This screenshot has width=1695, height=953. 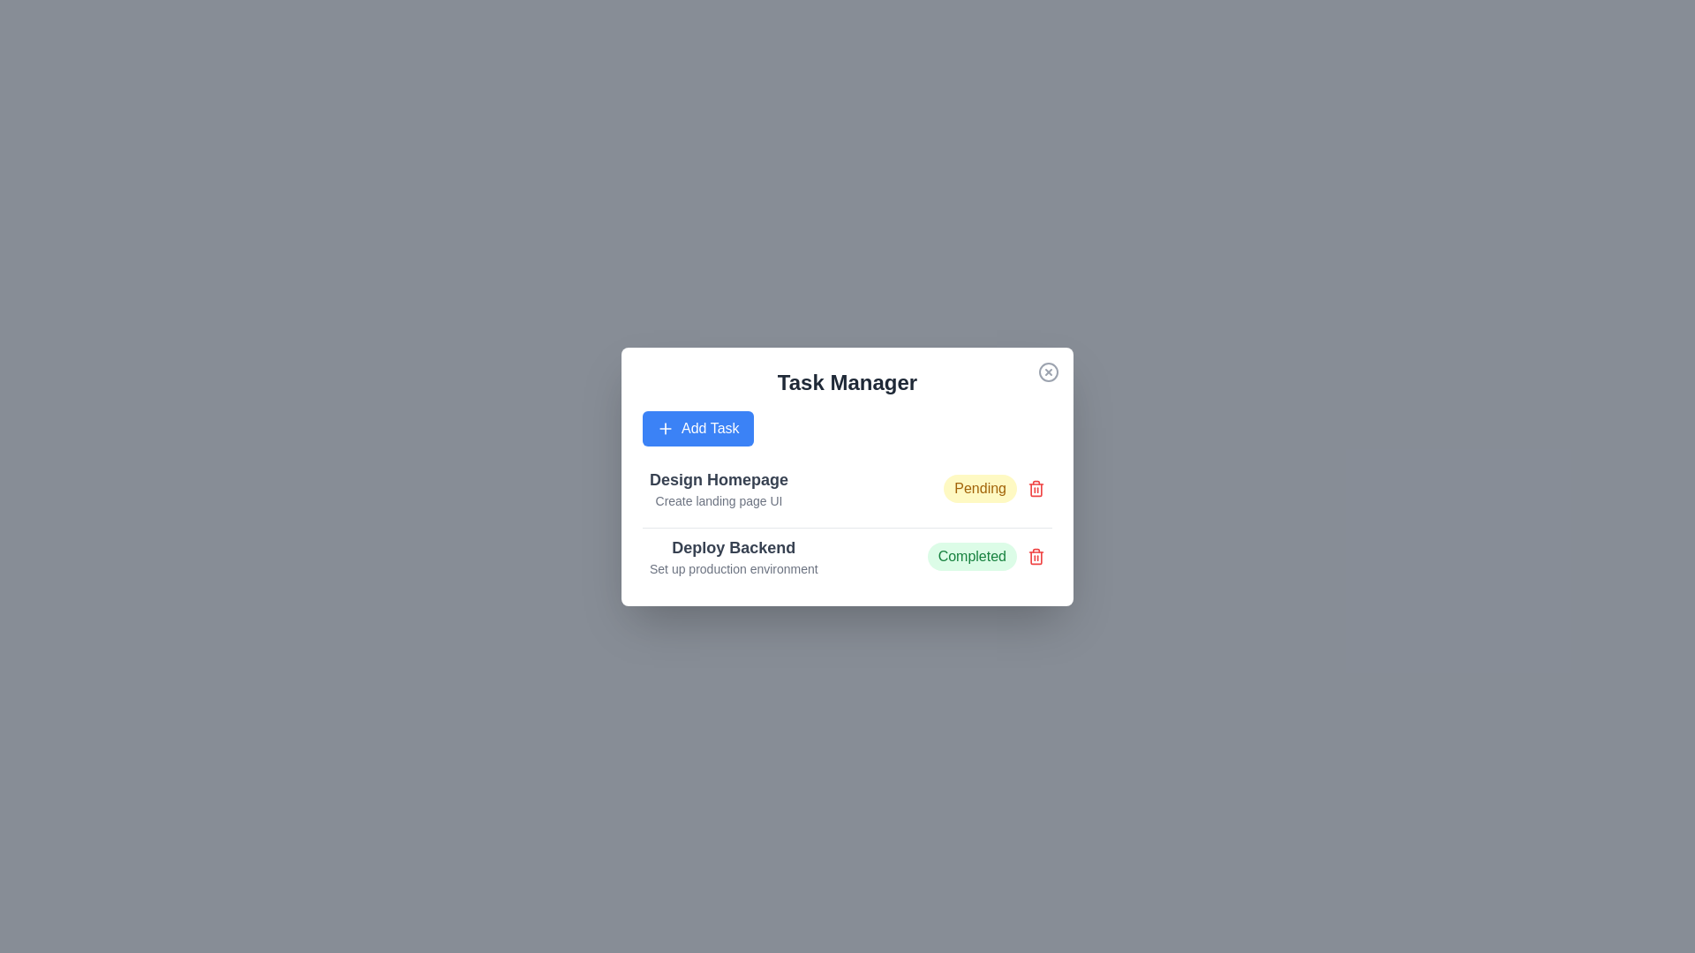 I want to click on the static text label displaying 'Set up production environment', which is located directly below the 'Deploy Backend' heading in the task management list, so click(x=734, y=568).